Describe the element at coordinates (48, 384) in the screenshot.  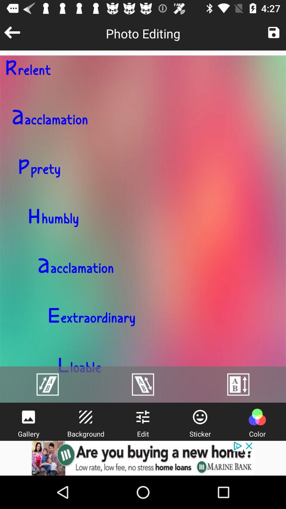
I see `realign text positioning` at that location.